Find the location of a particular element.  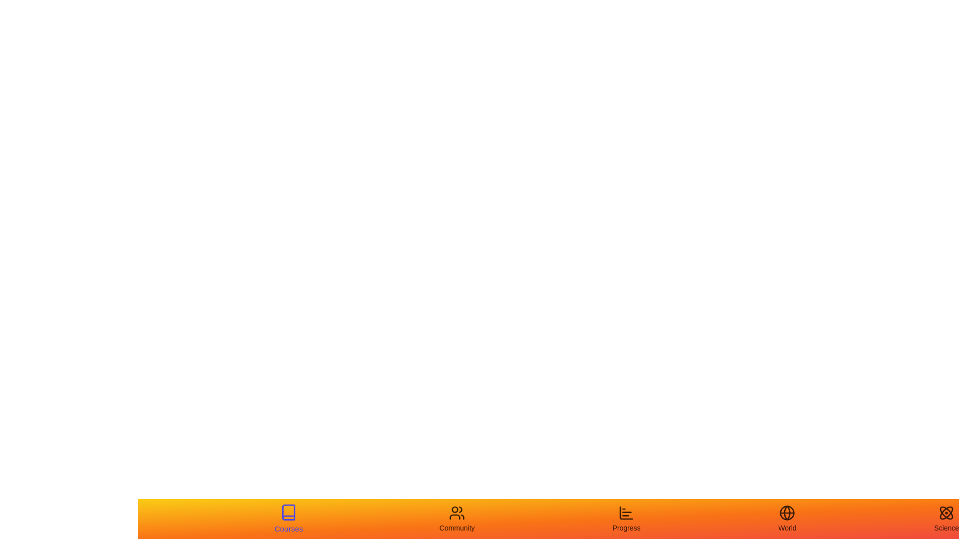

the tab labeled World is located at coordinates (786, 519).